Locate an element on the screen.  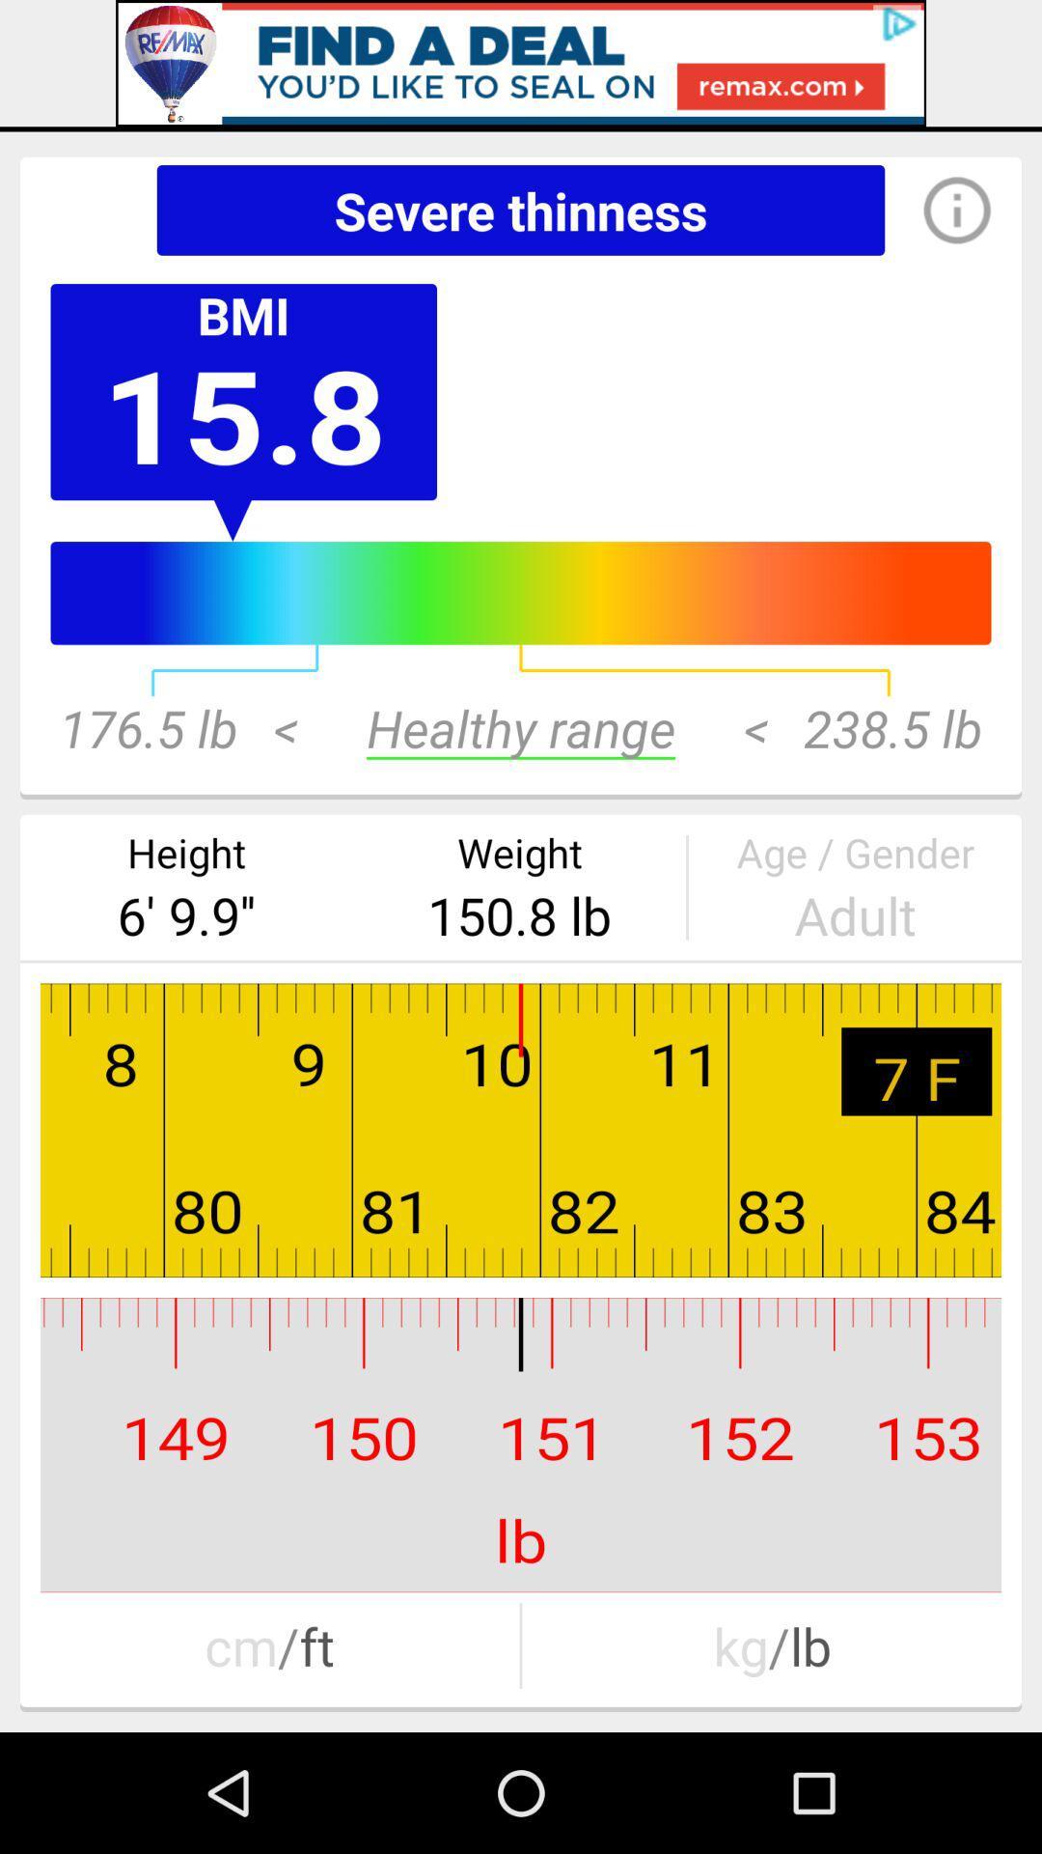
the add is located at coordinates (521, 63).